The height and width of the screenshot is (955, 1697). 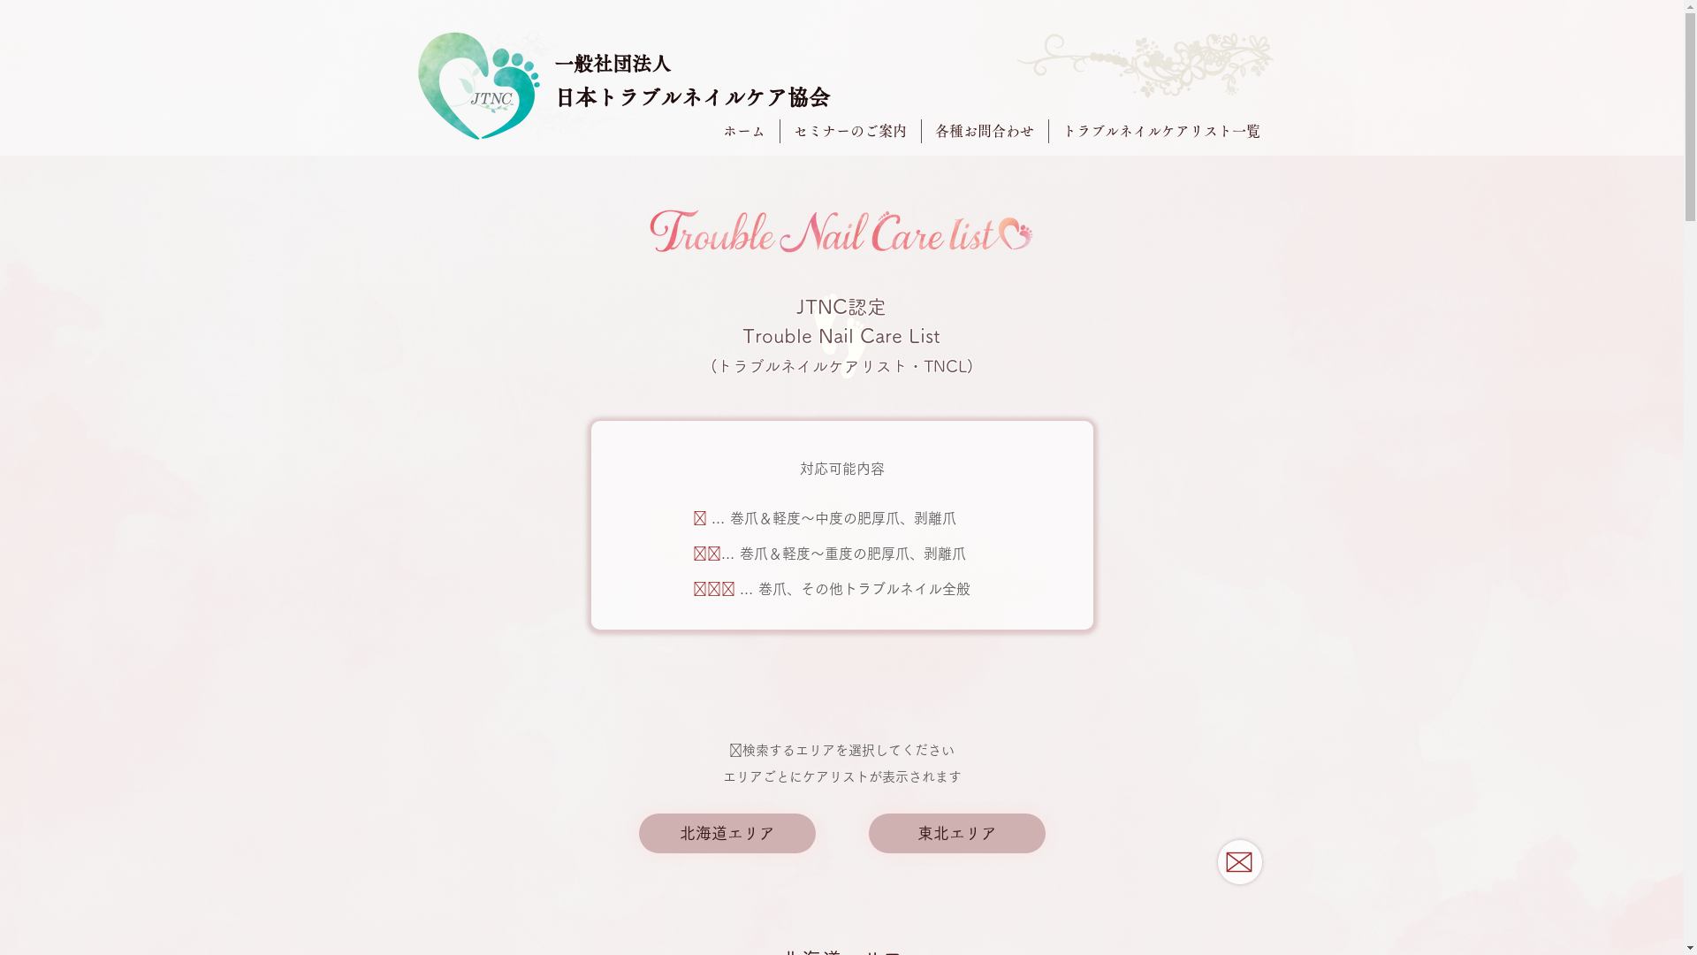 I want to click on 'foot_edited_edited_edited_edited.png', so click(x=797, y=336).